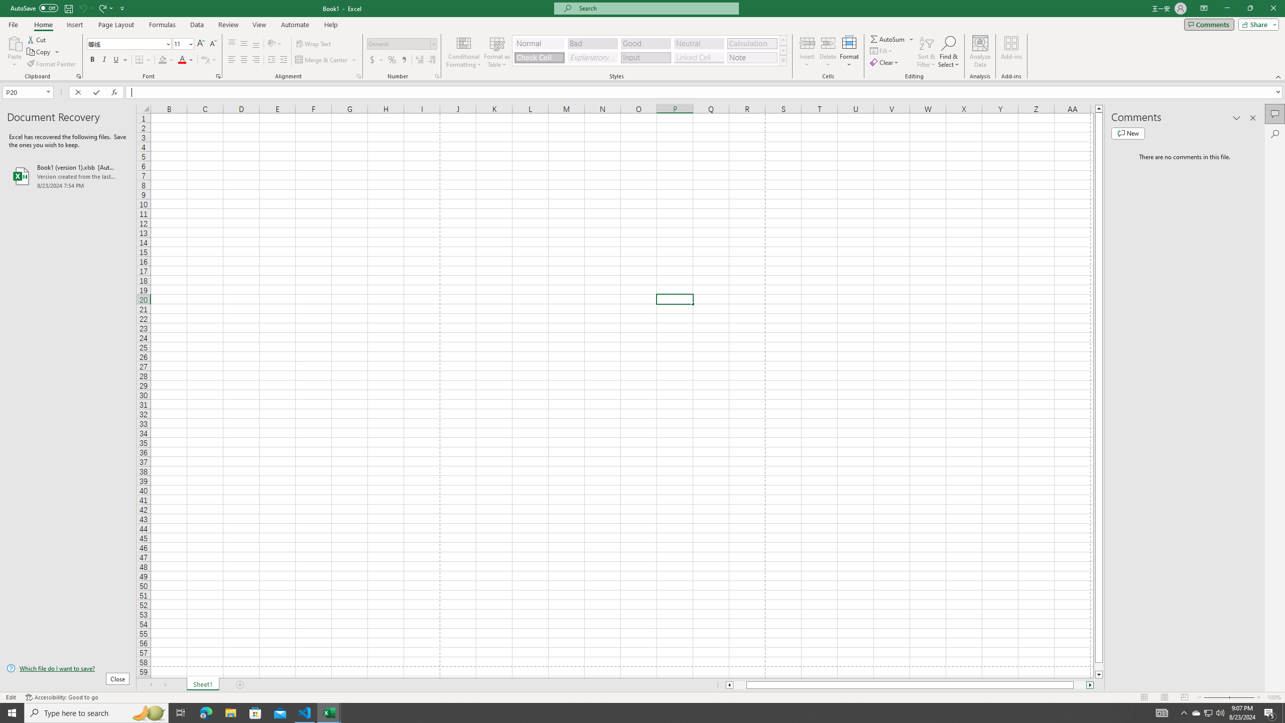 Image resolution: width=1285 pixels, height=723 pixels. Describe the element at coordinates (120, 59) in the screenshot. I see `'Underline'` at that location.